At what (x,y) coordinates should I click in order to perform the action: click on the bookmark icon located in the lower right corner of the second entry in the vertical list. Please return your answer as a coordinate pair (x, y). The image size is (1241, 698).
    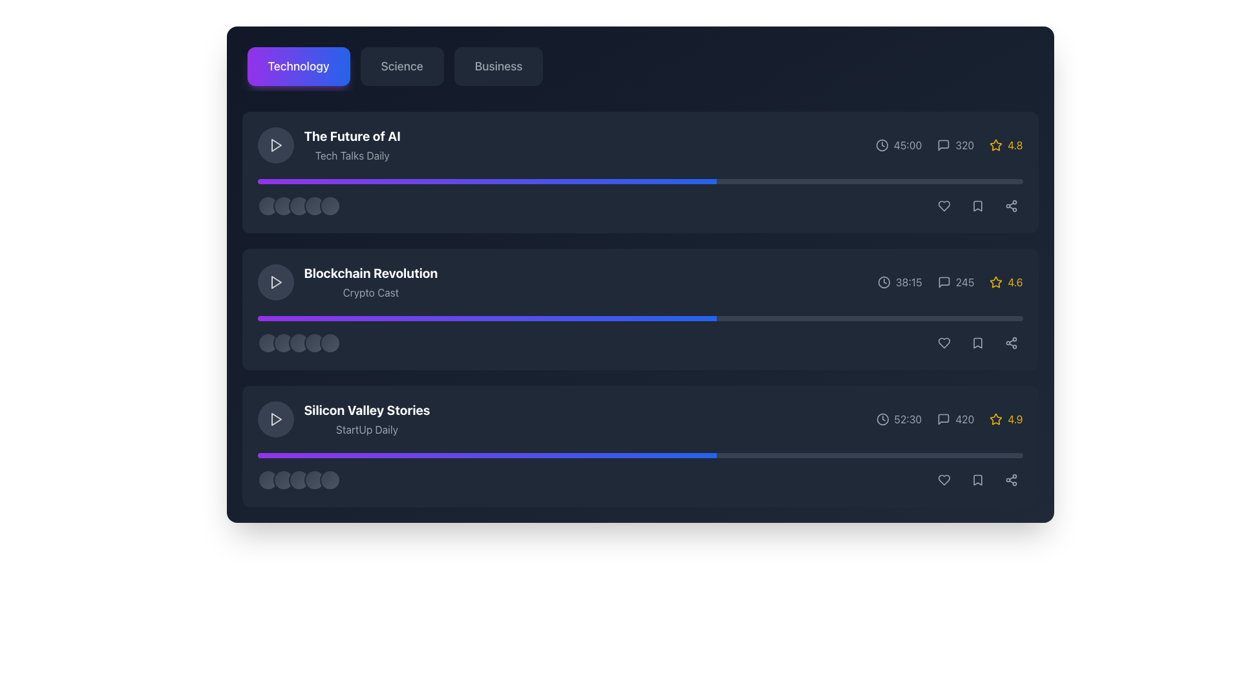
    Looking at the image, I should click on (977, 343).